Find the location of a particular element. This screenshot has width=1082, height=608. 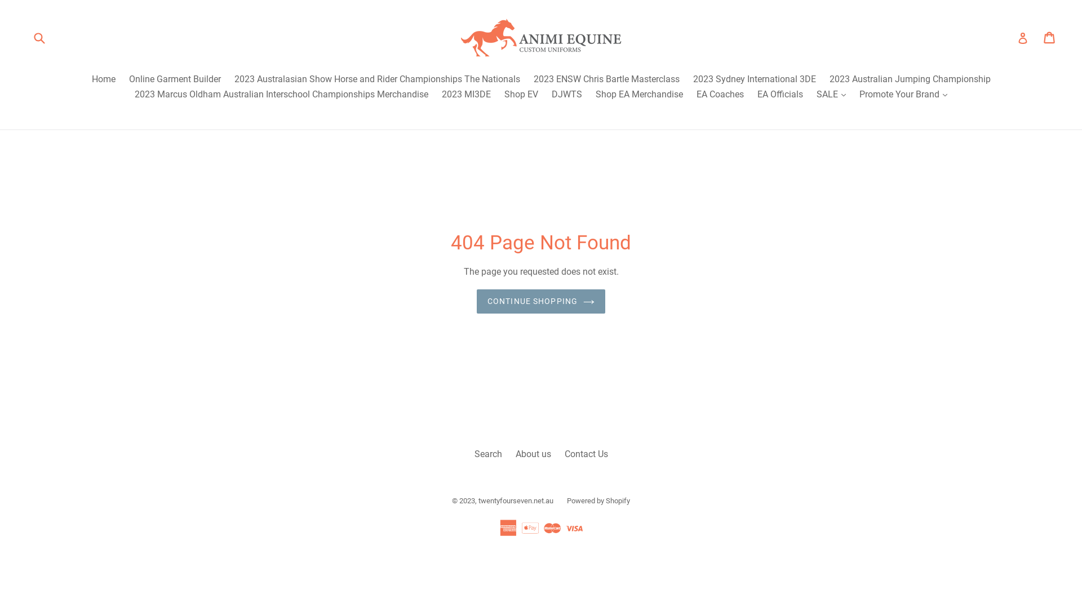

'Online Garment Builder' is located at coordinates (174, 79).